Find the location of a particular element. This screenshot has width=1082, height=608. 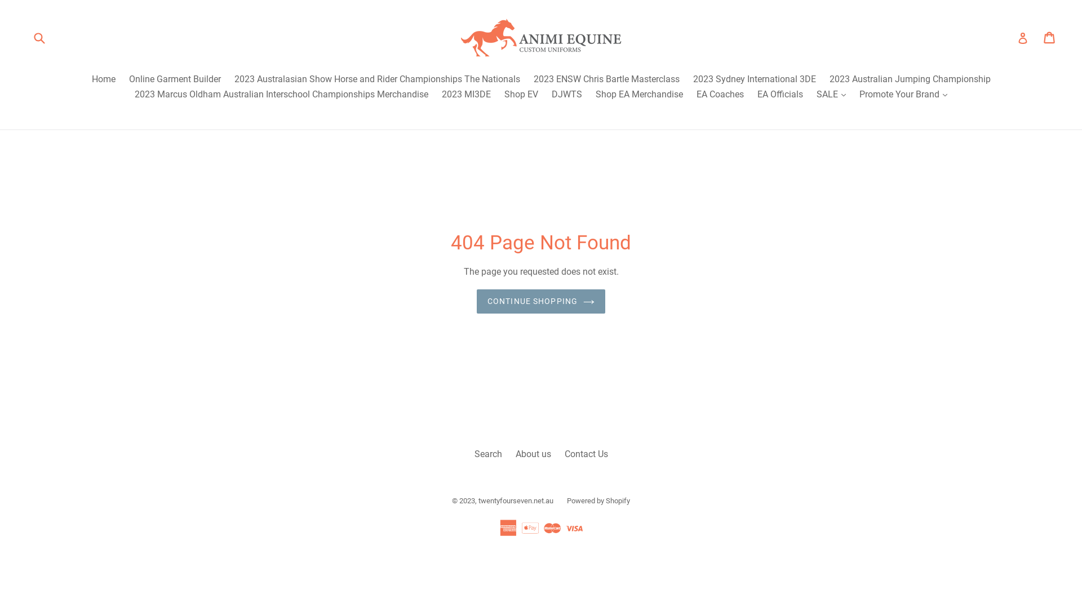

'Online Garment Builder' is located at coordinates (174, 79).